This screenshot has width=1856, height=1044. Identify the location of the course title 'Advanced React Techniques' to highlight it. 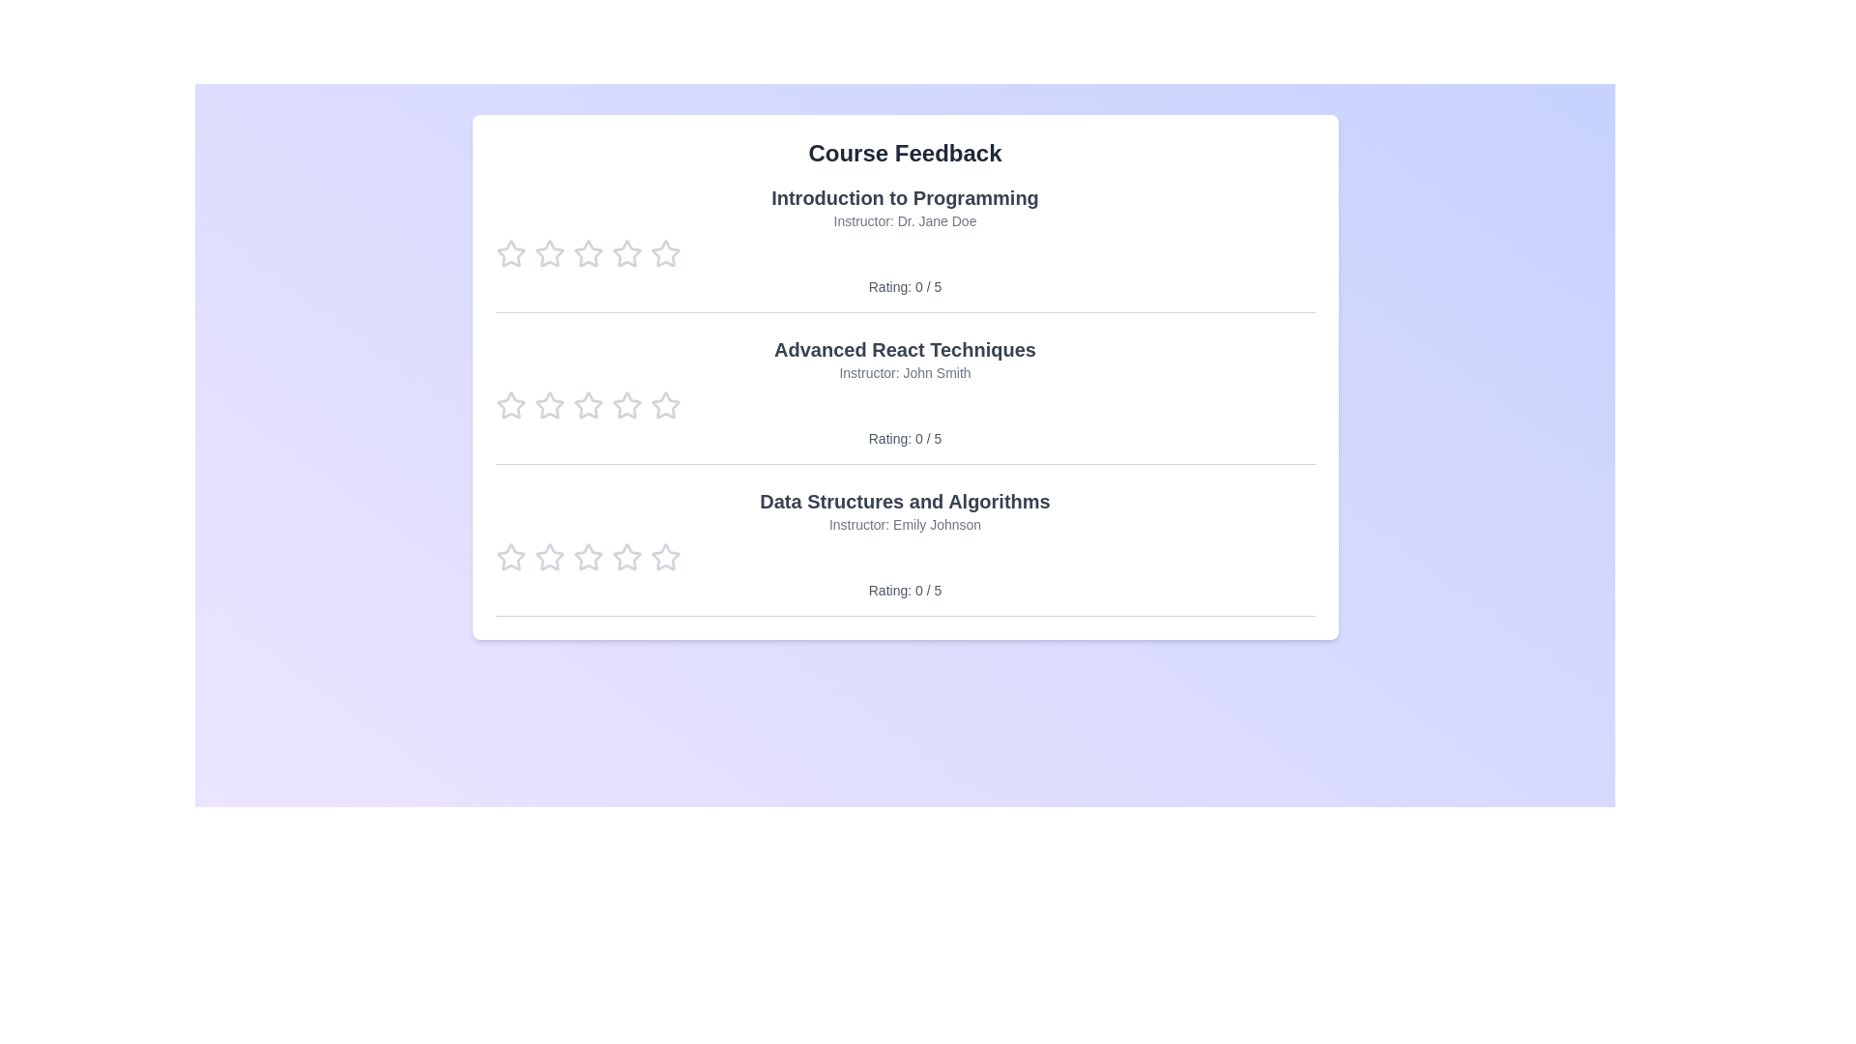
(904, 350).